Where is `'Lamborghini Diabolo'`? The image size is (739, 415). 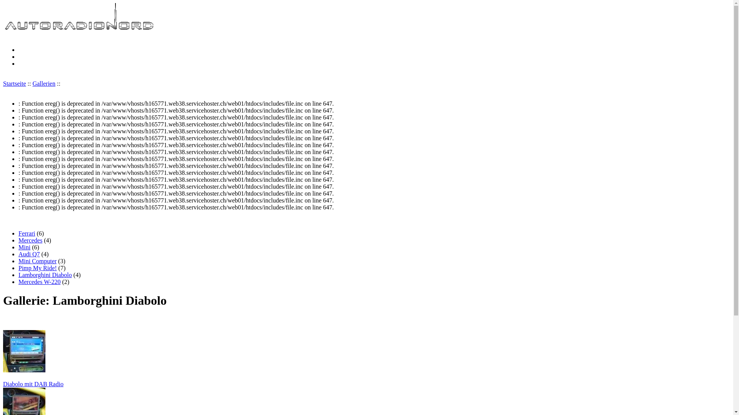
'Lamborghini Diabolo' is located at coordinates (45, 274).